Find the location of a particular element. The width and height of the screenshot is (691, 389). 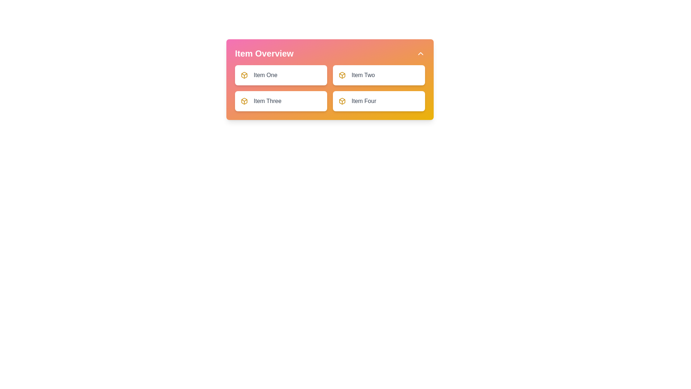

the small yellow icon resembling a box, located to the left of the 'Item Four' text, to interact with it is located at coordinates (342, 101).